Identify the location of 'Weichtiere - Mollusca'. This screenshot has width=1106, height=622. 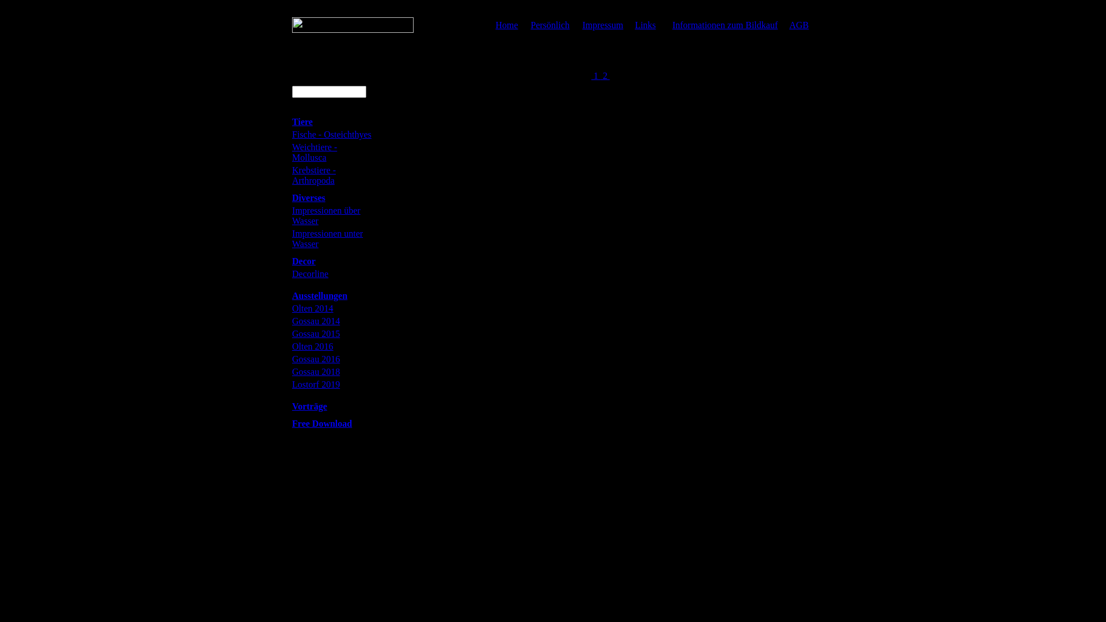
(315, 151).